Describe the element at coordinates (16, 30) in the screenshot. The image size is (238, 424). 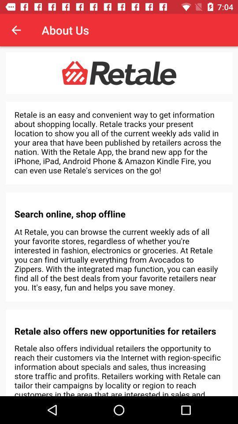
I see `previous` at that location.